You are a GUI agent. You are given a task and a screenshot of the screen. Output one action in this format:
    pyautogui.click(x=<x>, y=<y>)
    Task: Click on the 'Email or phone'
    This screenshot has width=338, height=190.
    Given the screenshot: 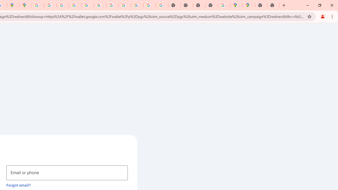 What is the action you would take?
    pyautogui.click(x=67, y=173)
    